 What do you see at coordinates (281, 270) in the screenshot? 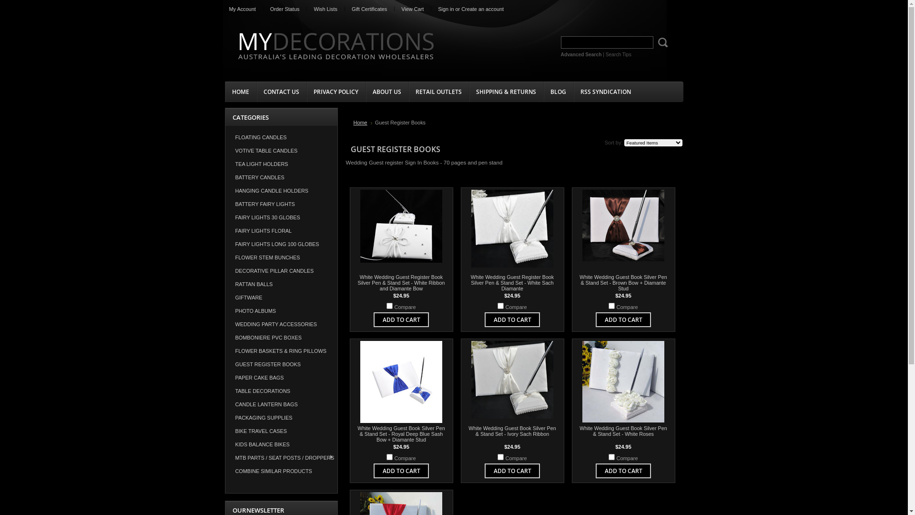
I see `'DECORATIVE PILLAR CANDLES'` at bounding box center [281, 270].